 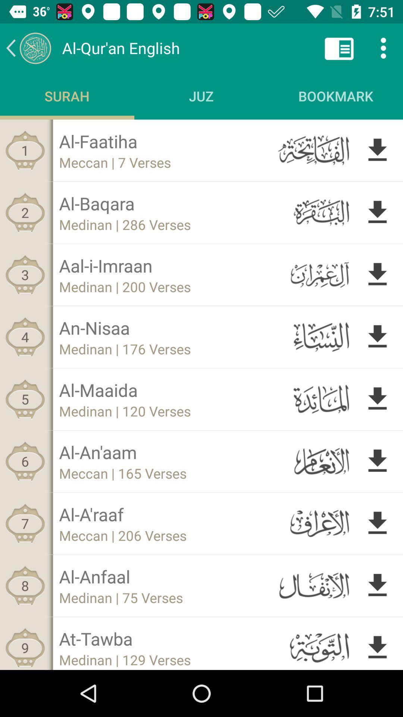 I want to click on download, so click(x=377, y=336).